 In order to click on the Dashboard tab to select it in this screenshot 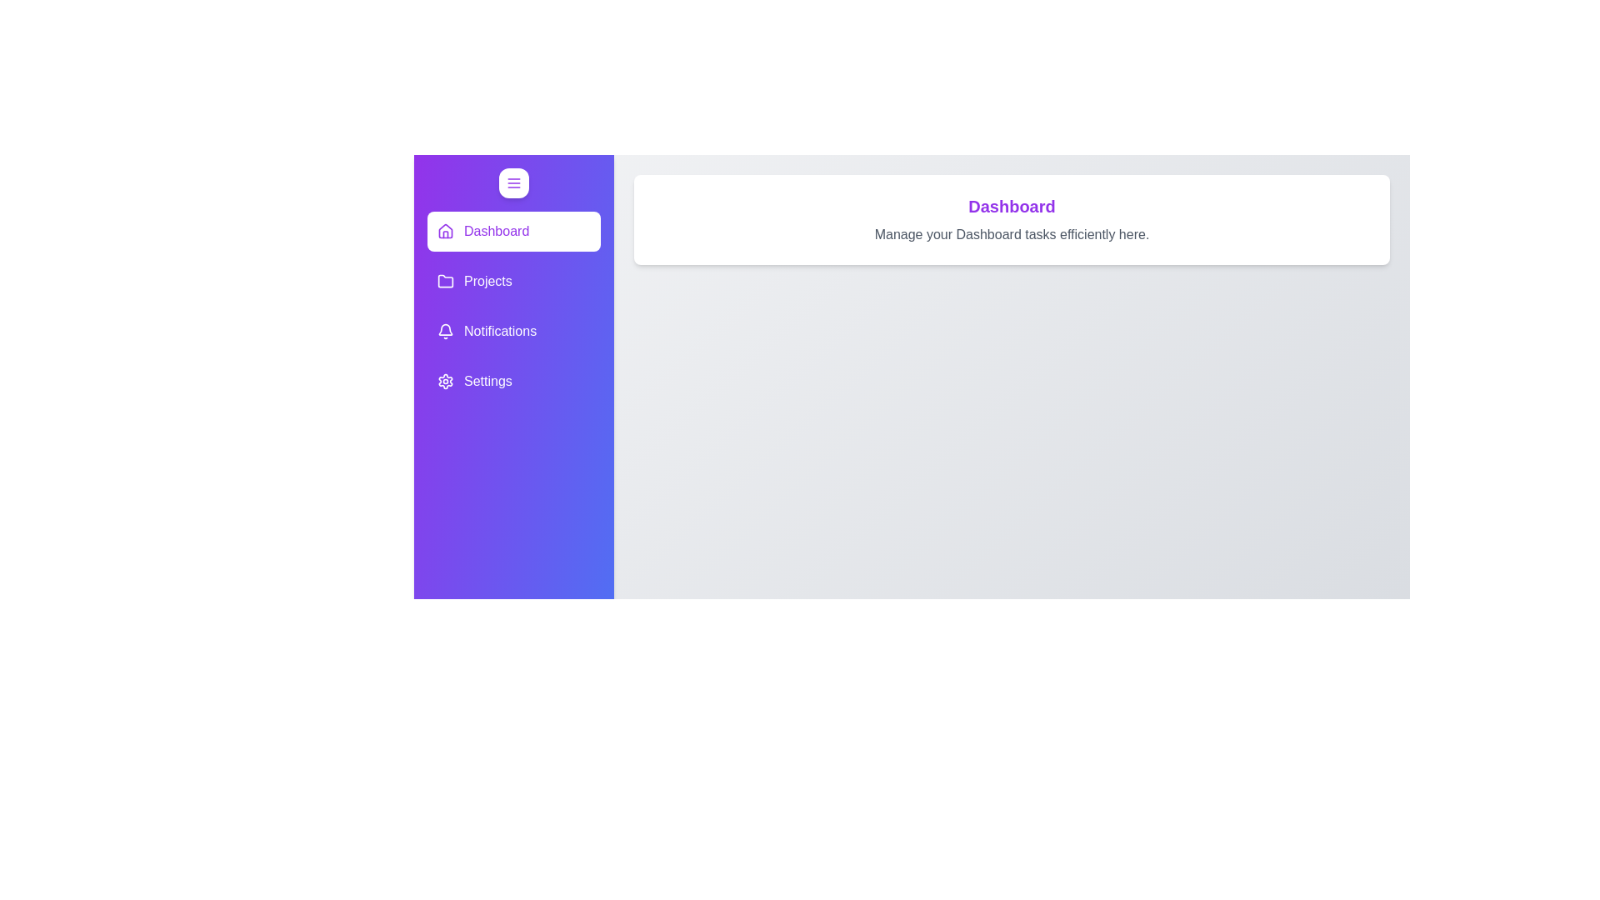, I will do `click(513, 231)`.